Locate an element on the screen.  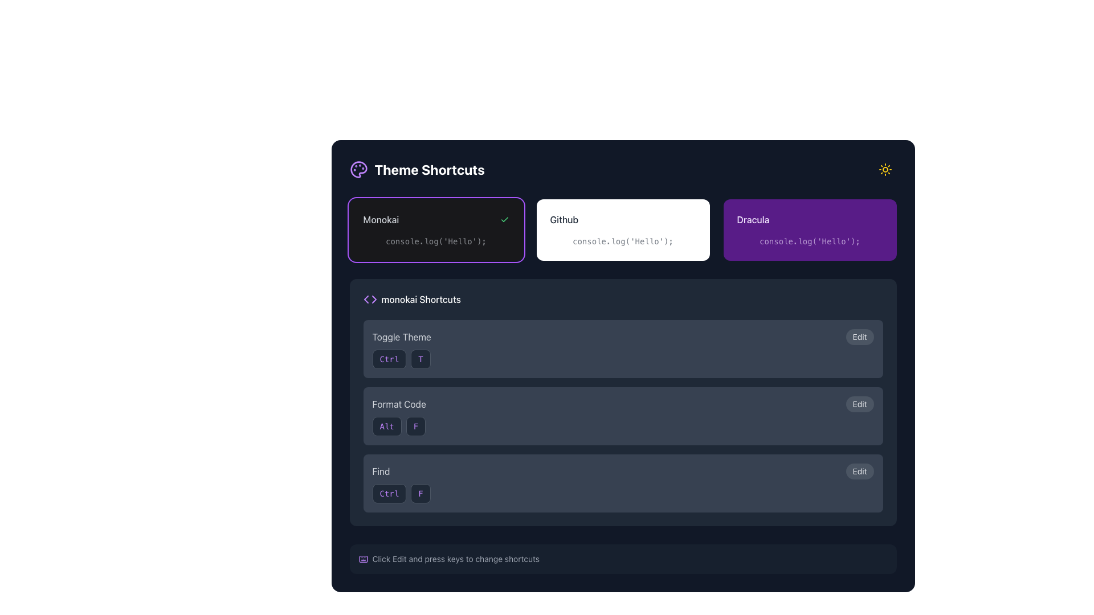
the static text block displaying the code snippet "console.log('Hello');" which is styled in light gray and located inside the white rectangular card labeled 'Github' is located at coordinates (622, 241).